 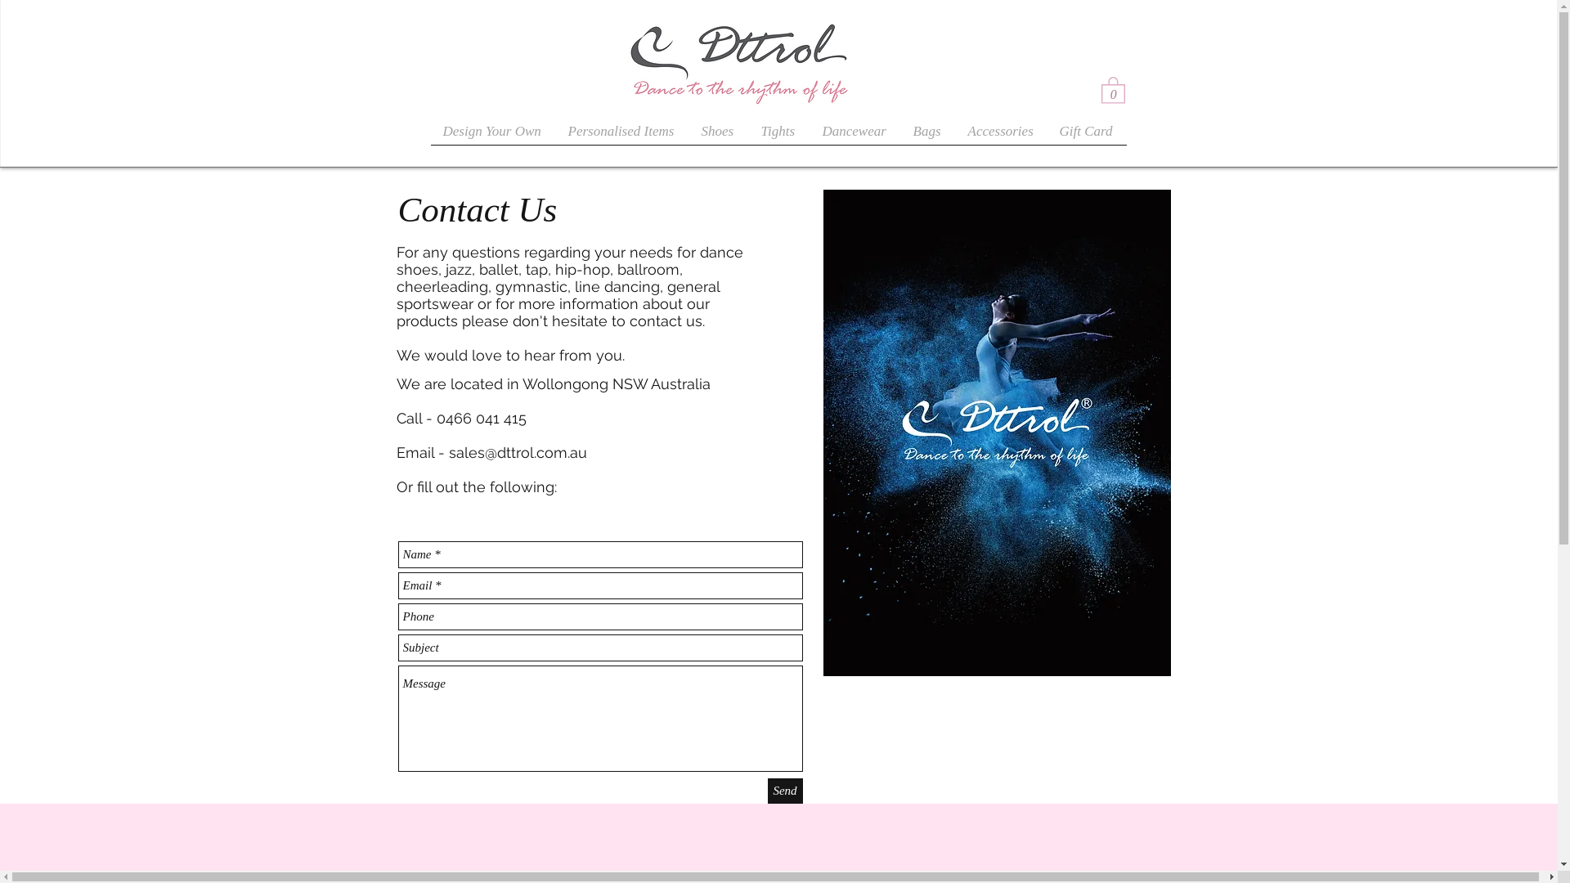 What do you see at coordinates (928, 135) in the screenshot?
I see `'Bags'` at bounding box center [928, 135].